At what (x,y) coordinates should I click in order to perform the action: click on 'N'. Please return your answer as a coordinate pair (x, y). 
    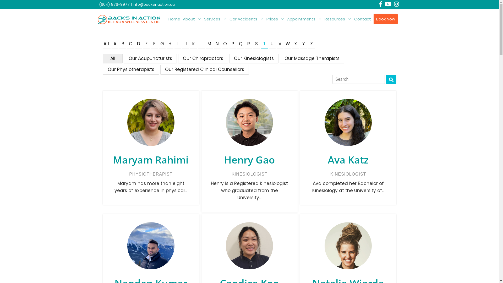
    Looking at the image, I should click on (217, 44).